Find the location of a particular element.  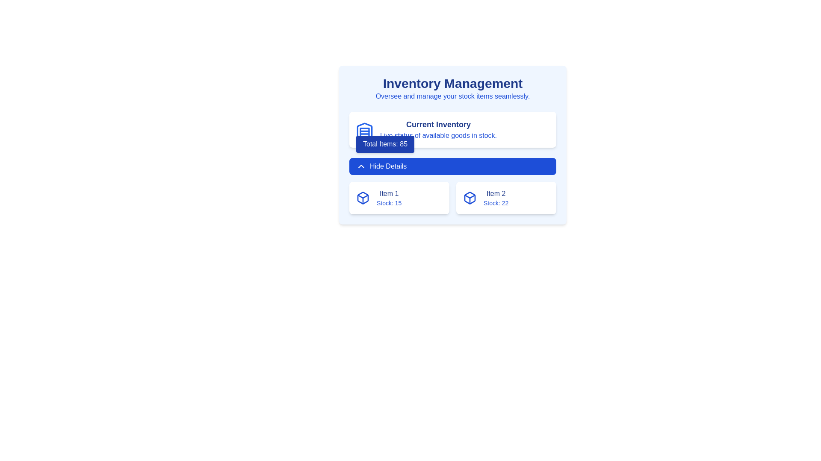

the blue warehouse icon located to the left of the 'Current Inventory' text, which represents the inventory module is located at coordinates (365, 130).